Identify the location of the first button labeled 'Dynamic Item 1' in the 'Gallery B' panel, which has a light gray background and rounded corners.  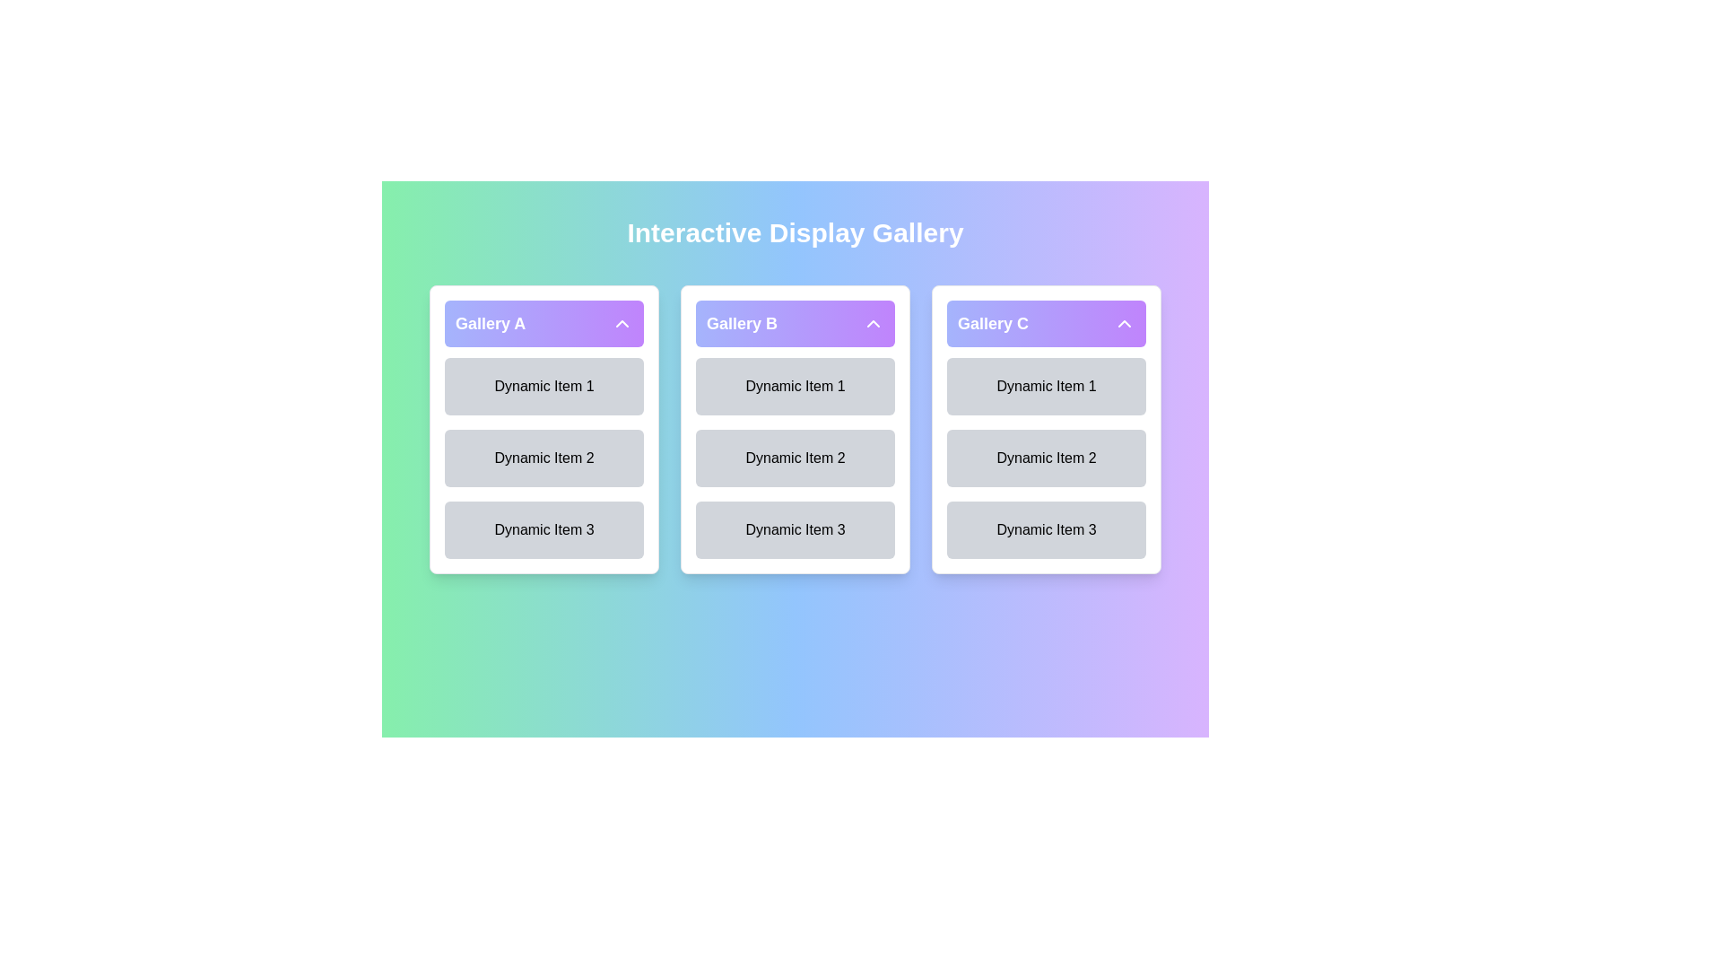
(795, 386).